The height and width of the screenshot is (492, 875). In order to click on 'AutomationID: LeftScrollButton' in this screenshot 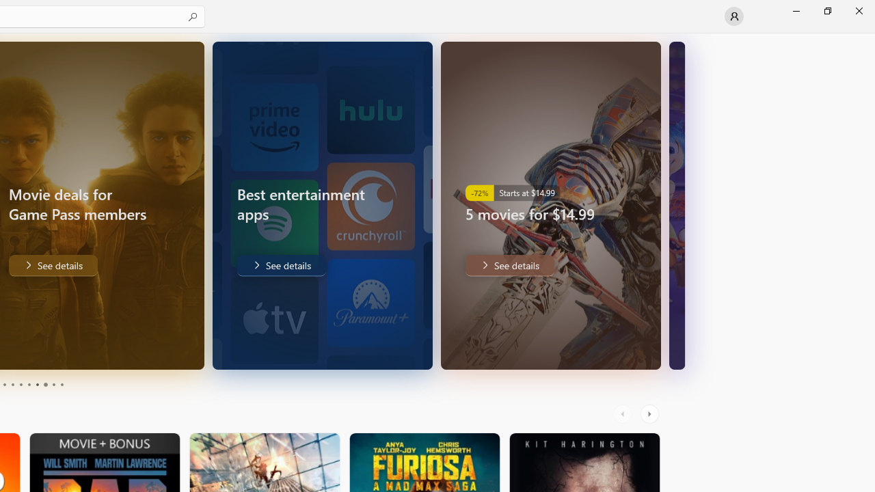, I will do `click(623, 413)`.